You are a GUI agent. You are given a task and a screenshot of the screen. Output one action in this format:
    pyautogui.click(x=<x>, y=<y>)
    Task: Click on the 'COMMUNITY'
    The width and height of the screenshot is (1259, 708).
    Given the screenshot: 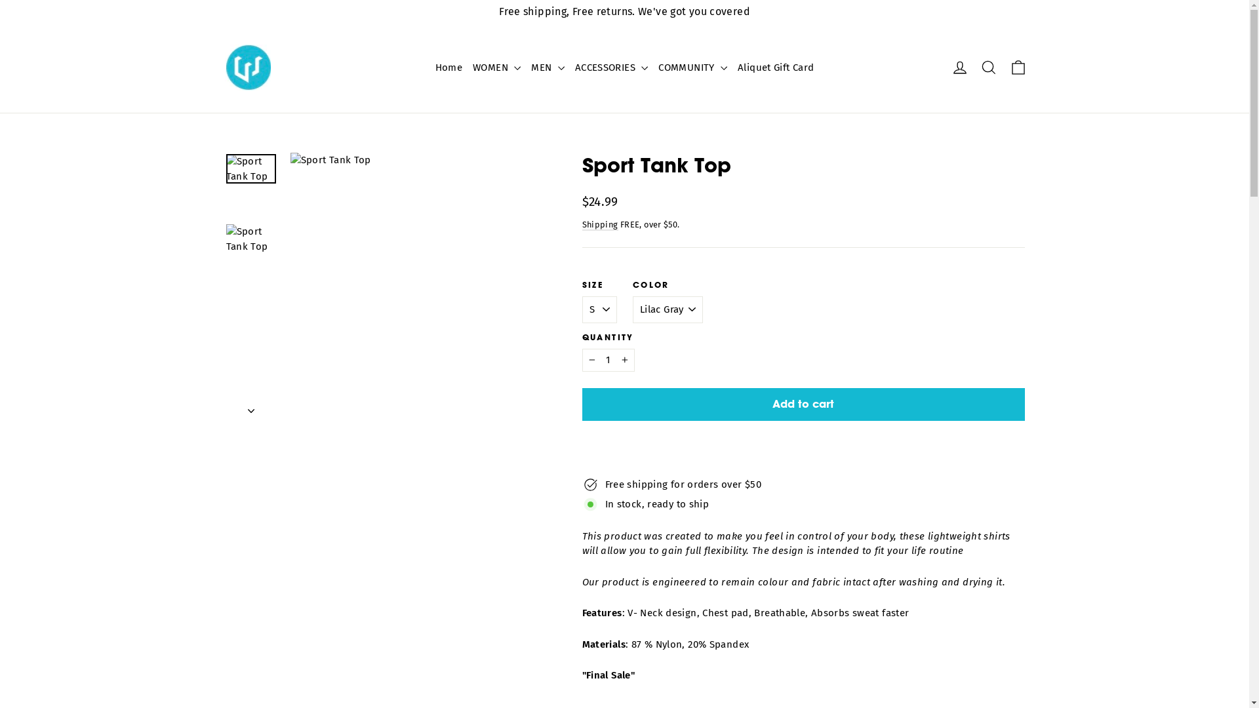 What is the action you would take?
    pyautogui.click(x=692, y=68)
    